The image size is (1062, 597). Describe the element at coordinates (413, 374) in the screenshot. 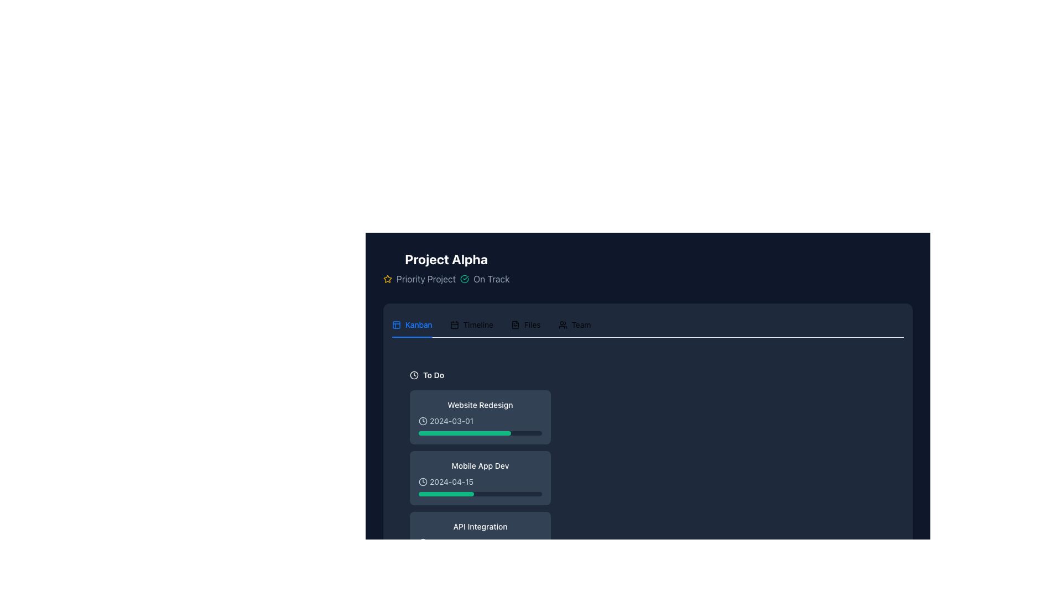

I see `the clock icon located to the left of the 'To Do' title in the Kanban board interface` at that location.